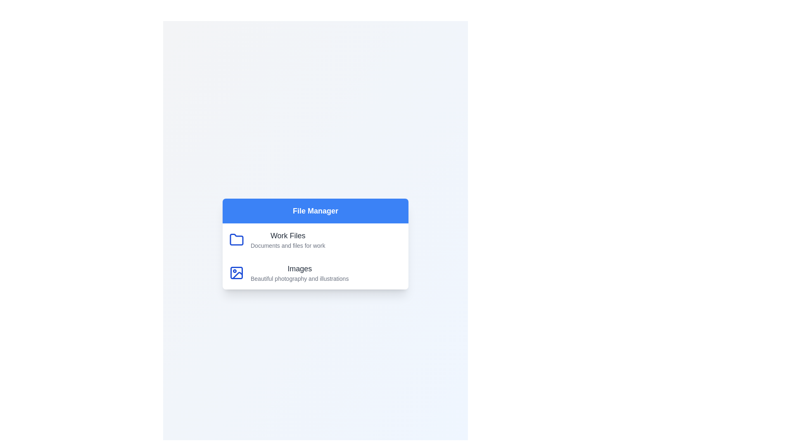 This screenshot has width=793, height=446. Describe the element at coordinates (236, 273) in the screenshot. I see `the icon of the category Images` at that location.